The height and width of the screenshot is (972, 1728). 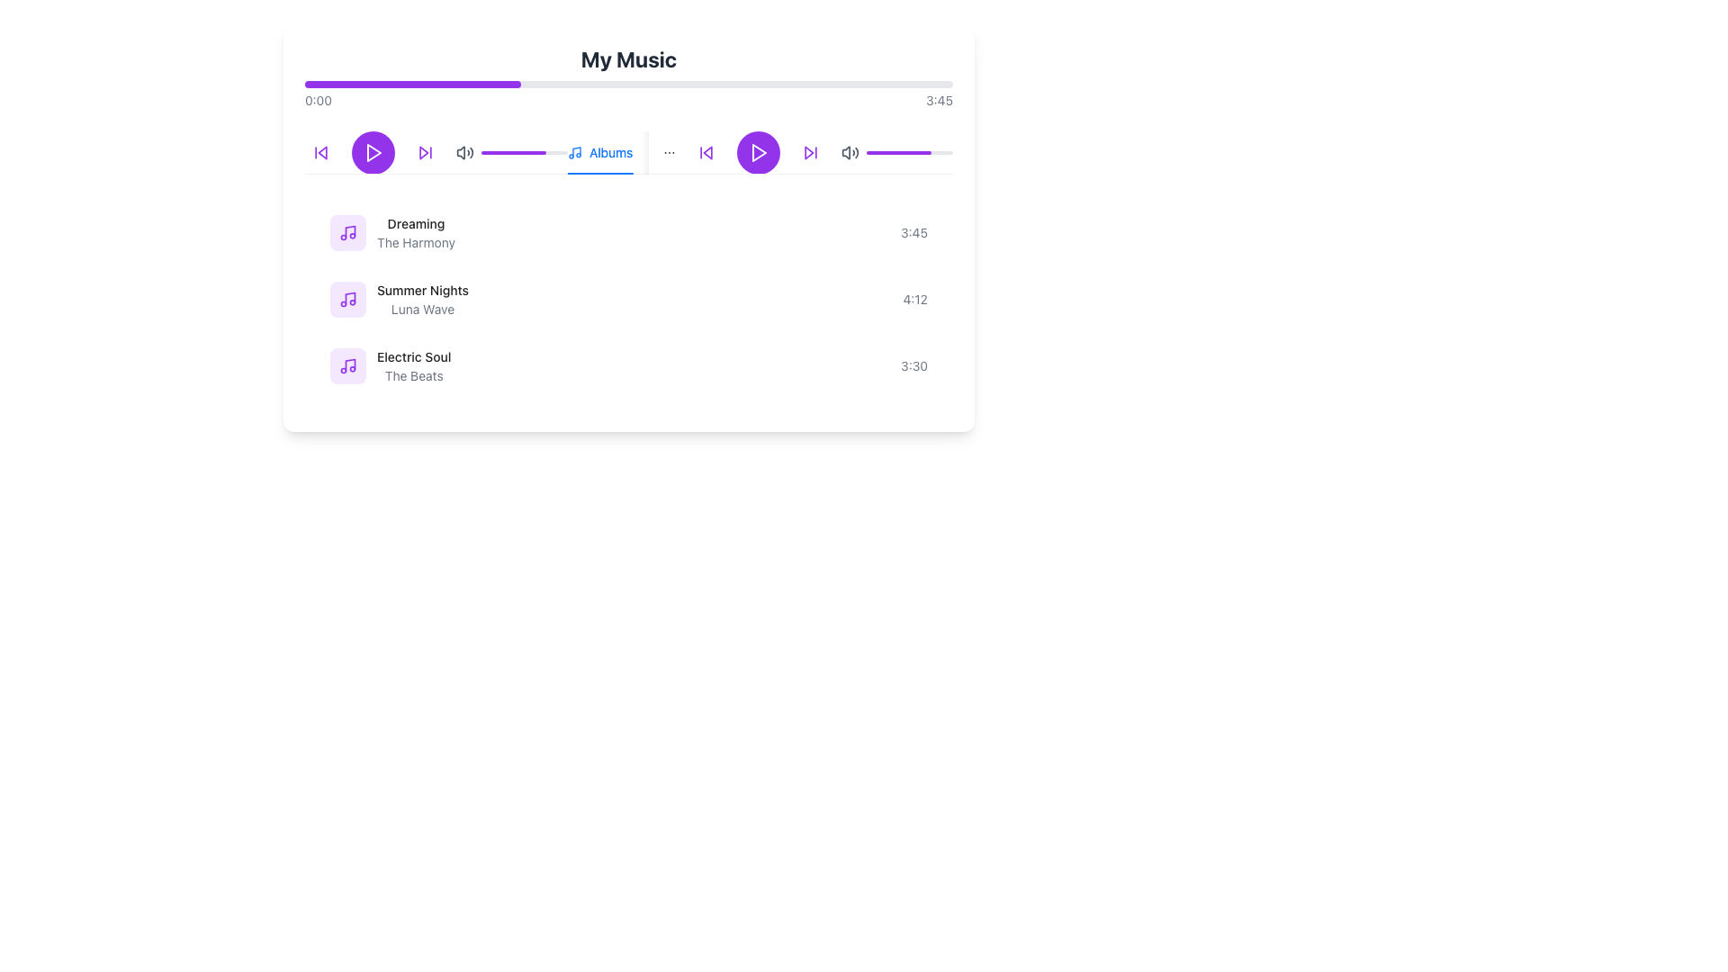 I want to click on the third song element displaying 'Electric Soul' and 'The Beats', so click(x=389, y=365).